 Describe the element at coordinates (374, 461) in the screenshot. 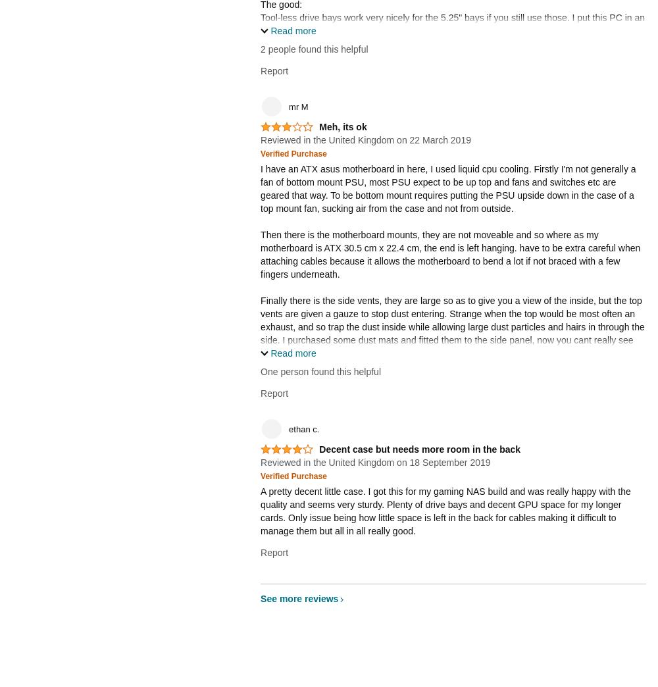

I see `'Reviewed in the United Kingdom on 18 September 2019'` at that location.